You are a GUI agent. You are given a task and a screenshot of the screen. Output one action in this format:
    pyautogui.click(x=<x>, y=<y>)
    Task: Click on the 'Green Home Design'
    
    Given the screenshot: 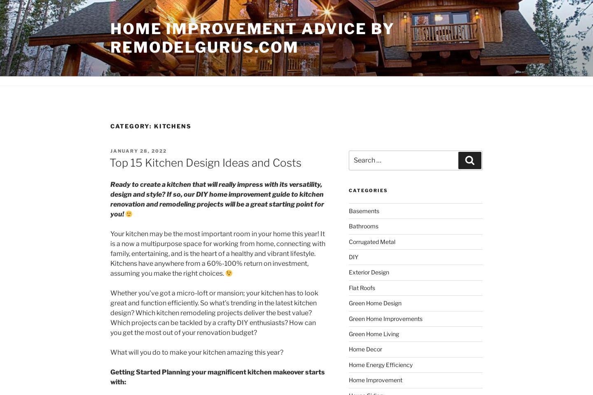 What is the action you would take?
    pyautogui.click(x=374, y=302)
    